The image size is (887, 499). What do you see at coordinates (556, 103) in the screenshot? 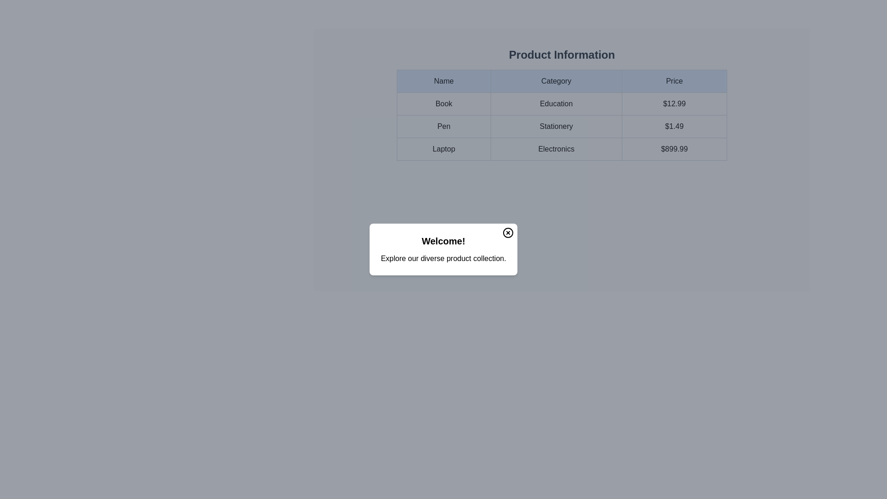
I see `the text label displaying 'Education', which is styled with center alignment and appears within a bordered rectangular cell in a table structure` at bounding box center [556, 103].